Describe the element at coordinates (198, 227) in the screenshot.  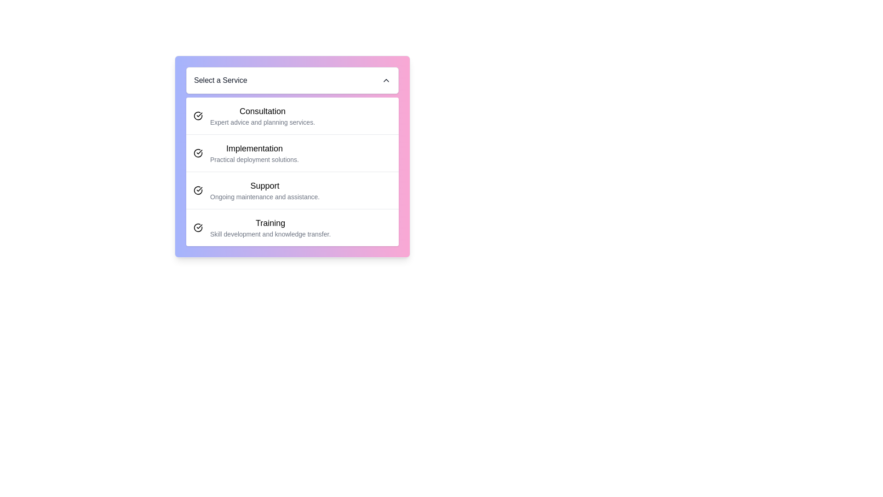
I see `the decorative vector graphic component of the 'Training' service icon, located at the bottom left corner of the 'Training' section` at that location.